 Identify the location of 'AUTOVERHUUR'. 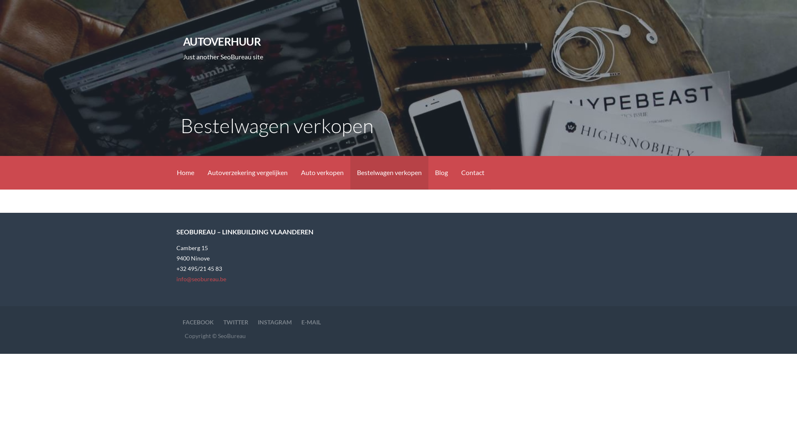
(183, 41).